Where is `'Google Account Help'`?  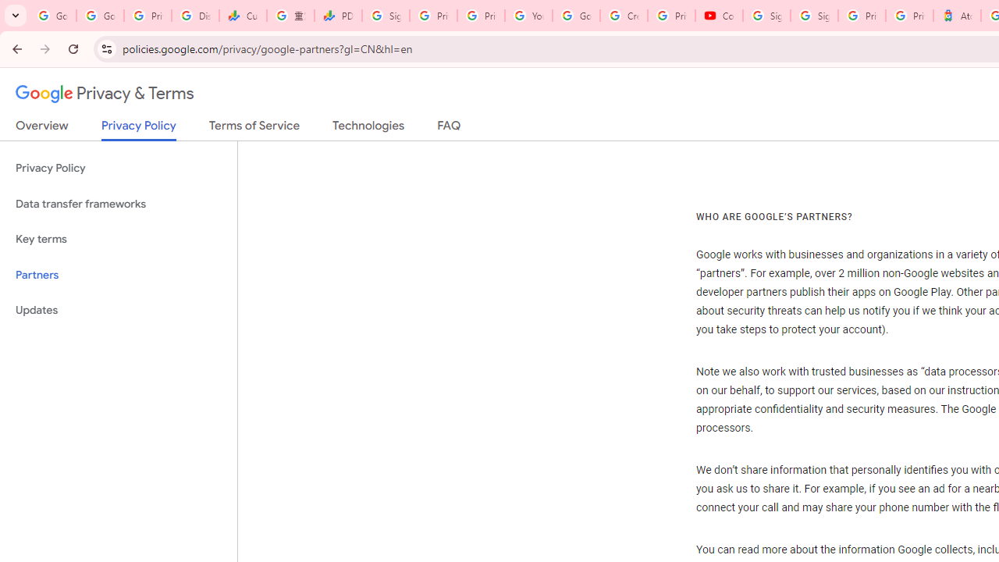
'Google Account Help' is located at coordinates (575, 16).